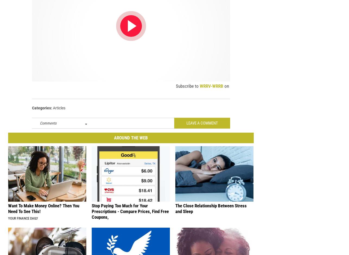 This screenshot has height=255, width=349. Describe the element at coordinates (42, 111) in the screenshot. I see `'Categories'` at that location.